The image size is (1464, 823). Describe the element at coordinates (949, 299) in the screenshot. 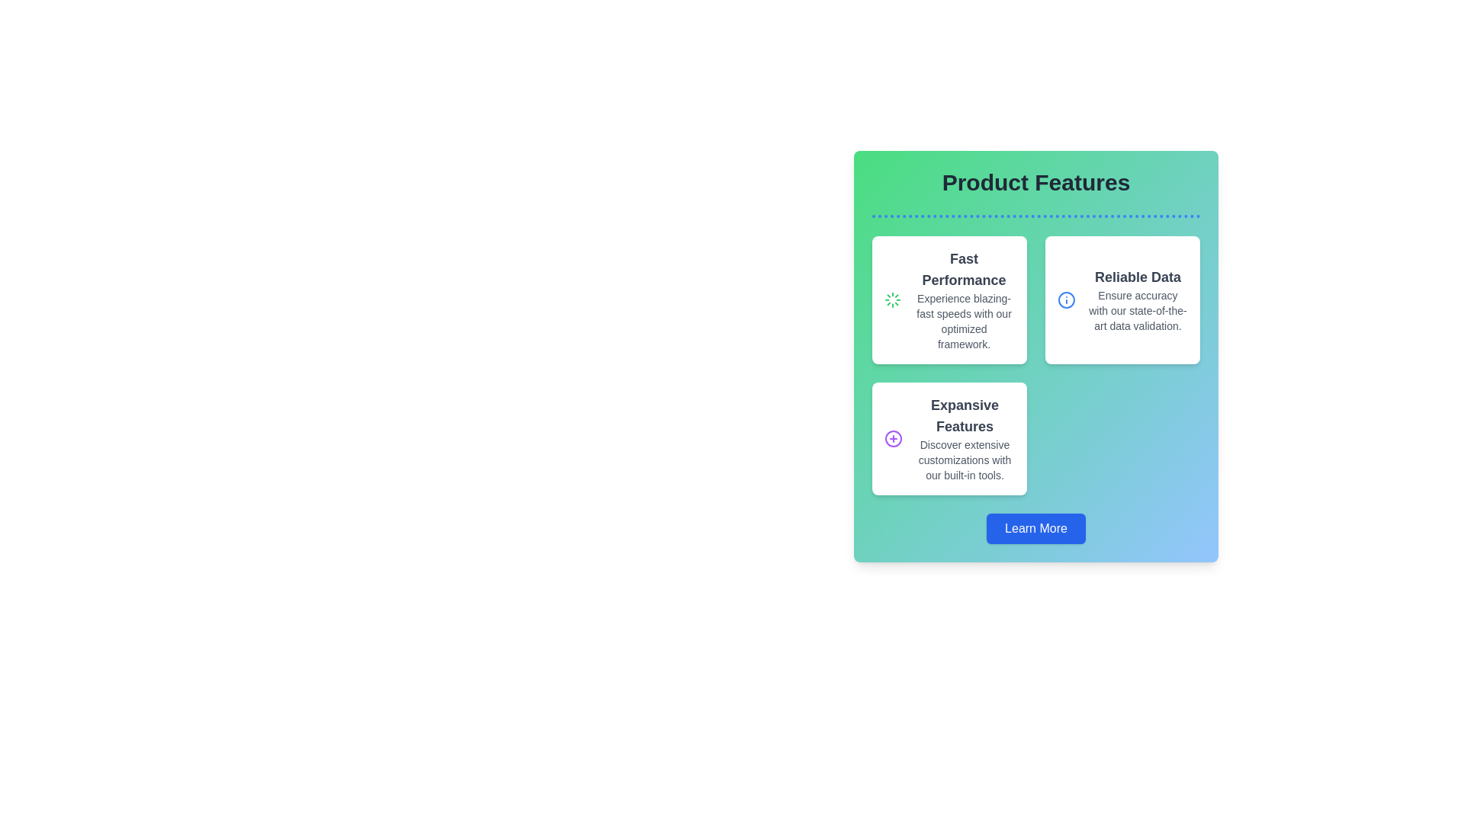

I see `the 'Fast Performance' Information Card located in the top-left section of the 2x2 grid under the 'Product Features' header` at that location.